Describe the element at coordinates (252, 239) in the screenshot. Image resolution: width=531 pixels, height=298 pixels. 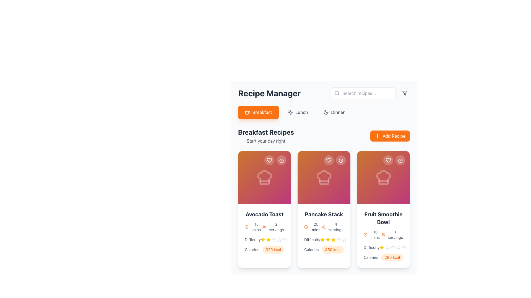
I see `the 'Difficulty' text label, which is a smaller grayish text component located at the bottom-left corner of the recipe card, next to star icons for difficulty ratings` at that location.